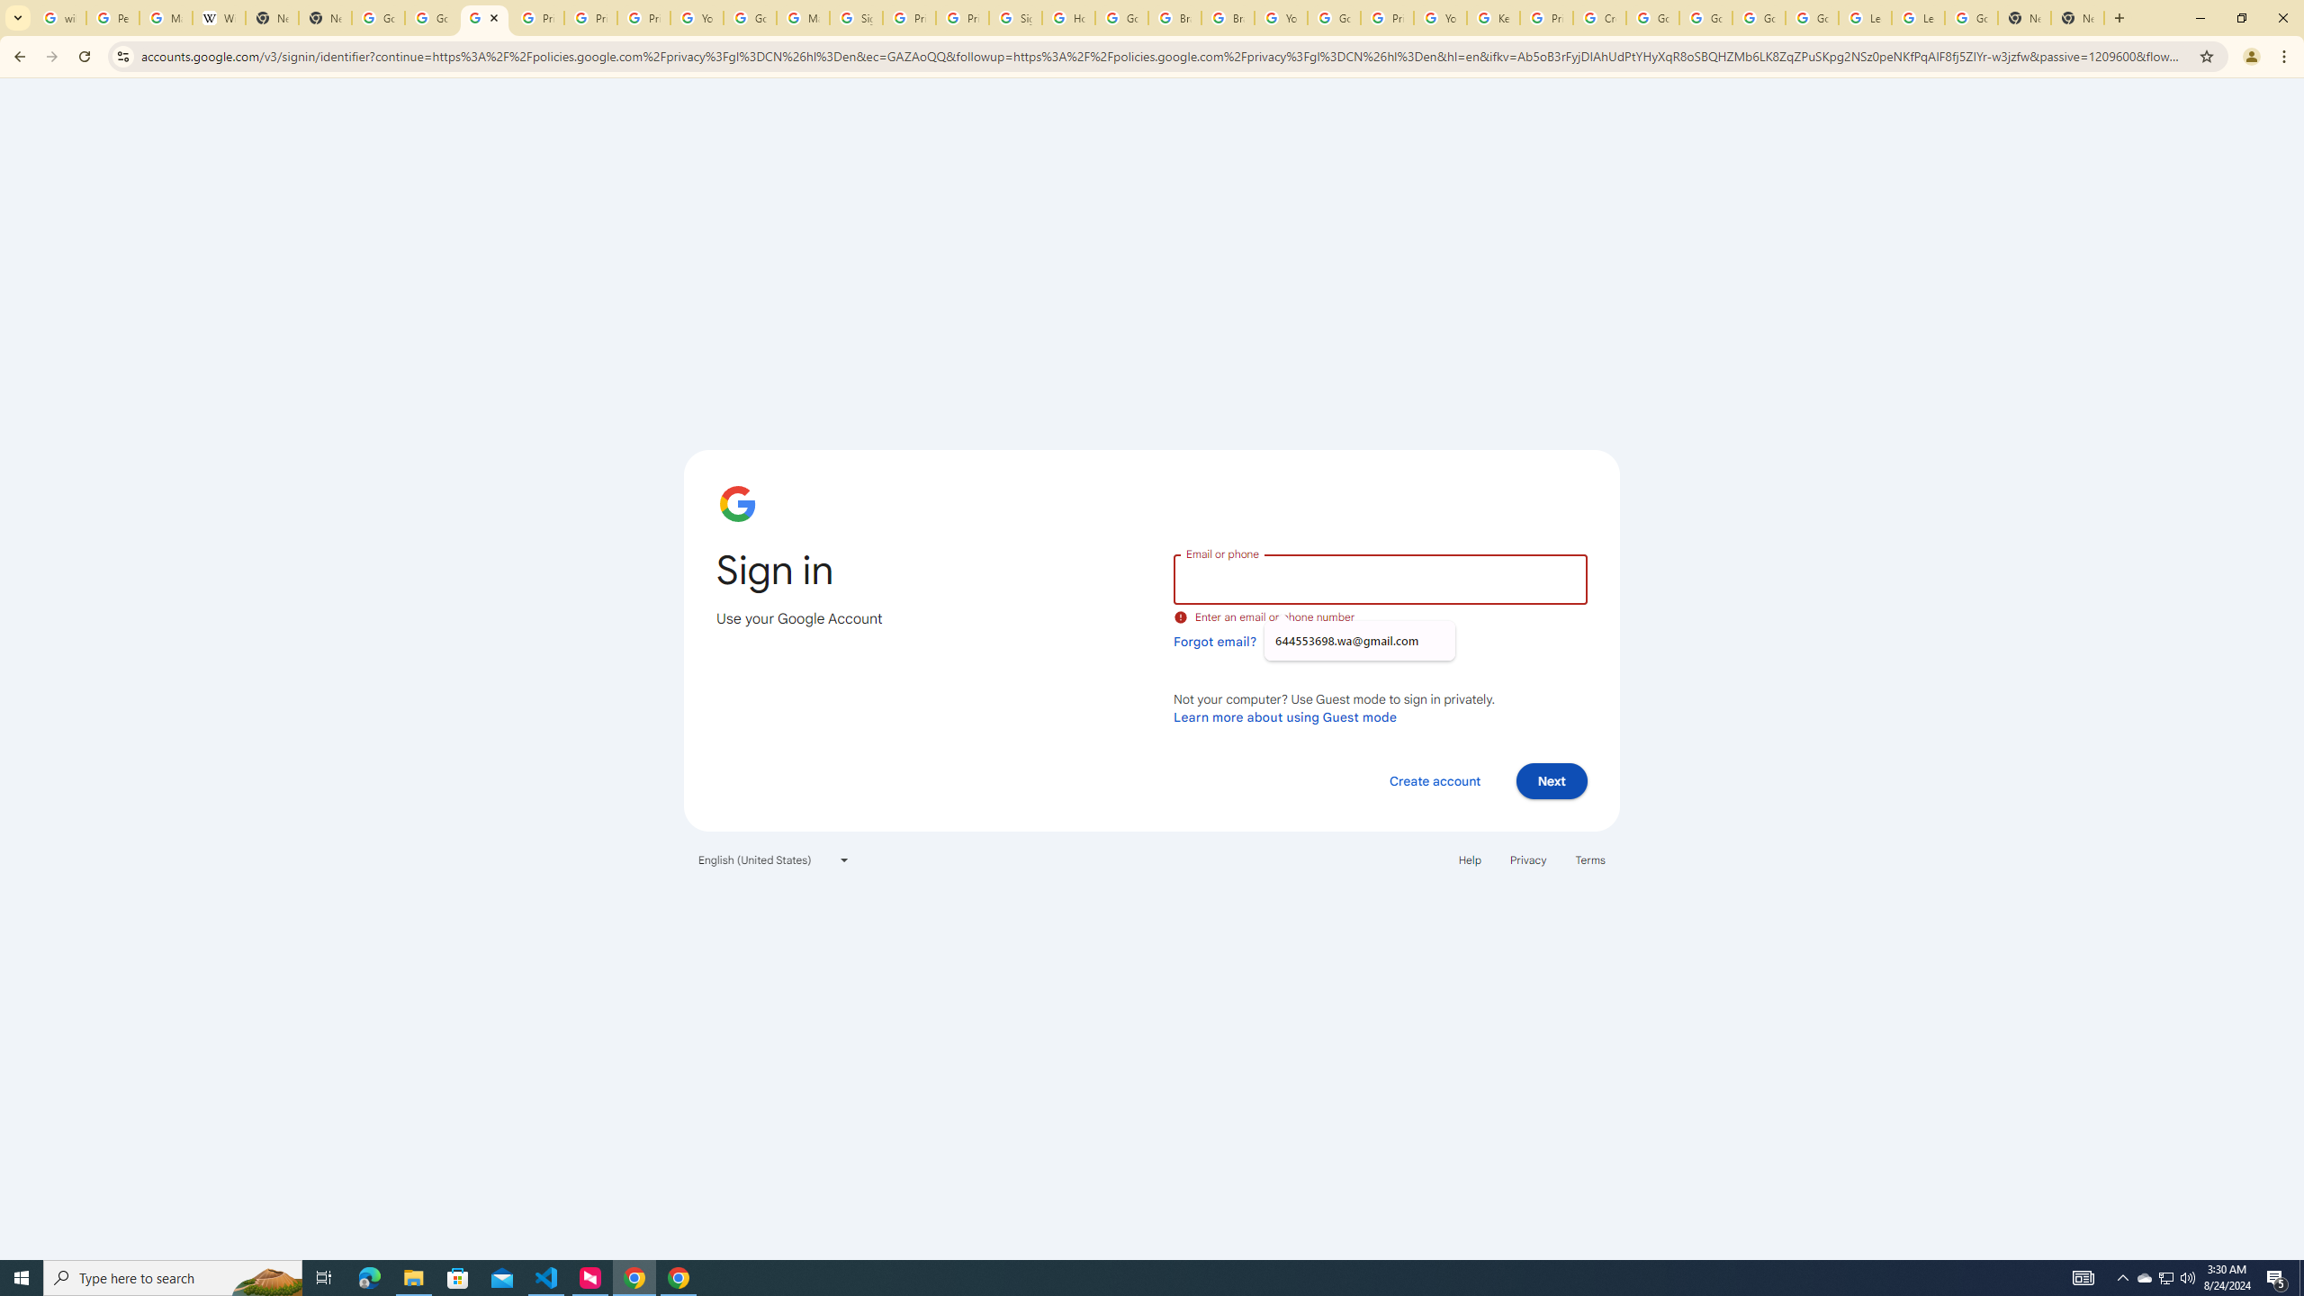 The width and height of the screenshot is (2304, 1296). Describe the element at coordinates (1704, 17) in the screenshot. I see `'Google Account Help'` at that location.